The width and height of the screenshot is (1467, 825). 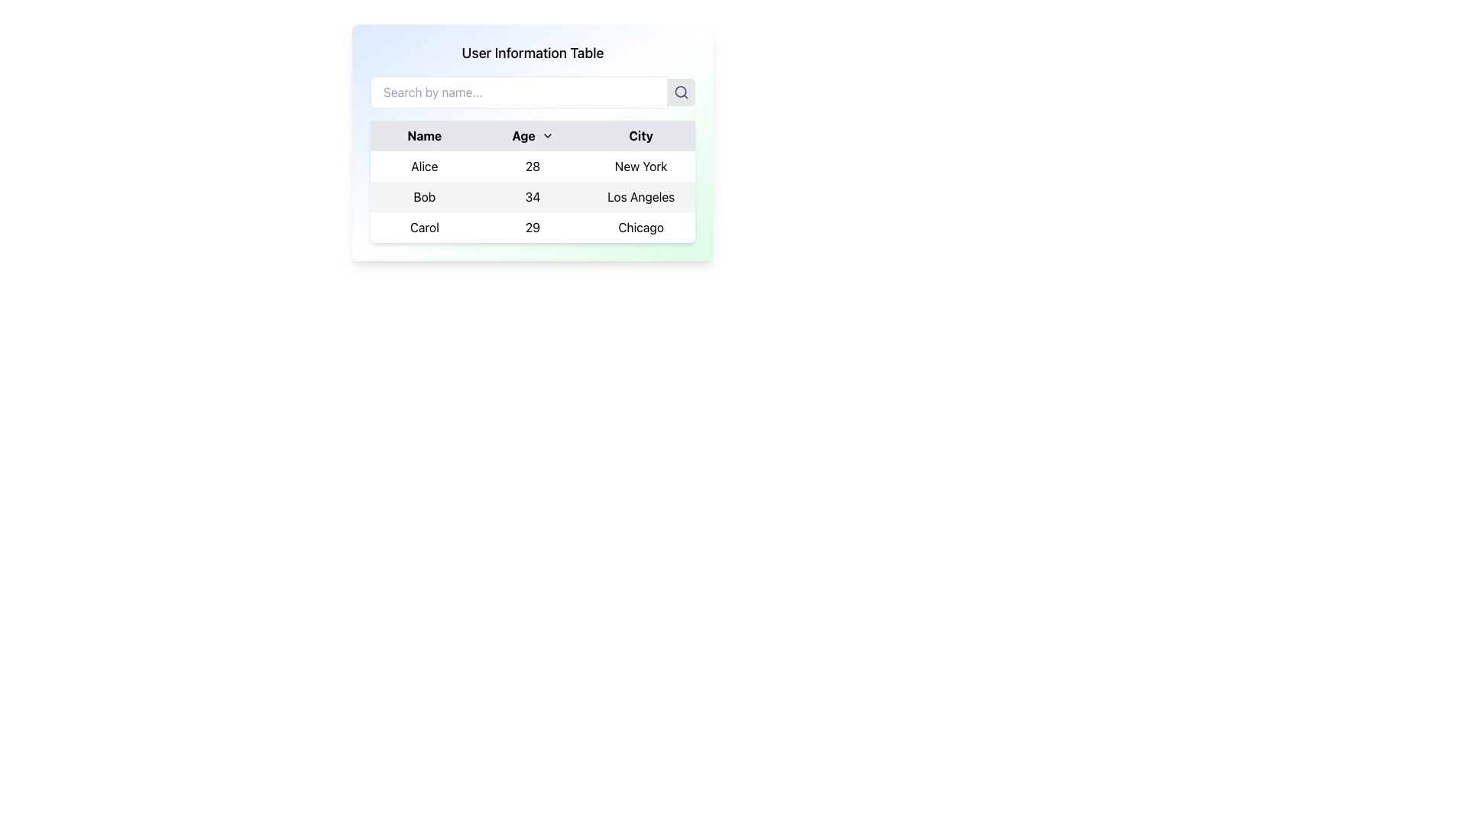 I want to click on the chevron icon in the header of the 'Age' column, so click(x=547, y=134).